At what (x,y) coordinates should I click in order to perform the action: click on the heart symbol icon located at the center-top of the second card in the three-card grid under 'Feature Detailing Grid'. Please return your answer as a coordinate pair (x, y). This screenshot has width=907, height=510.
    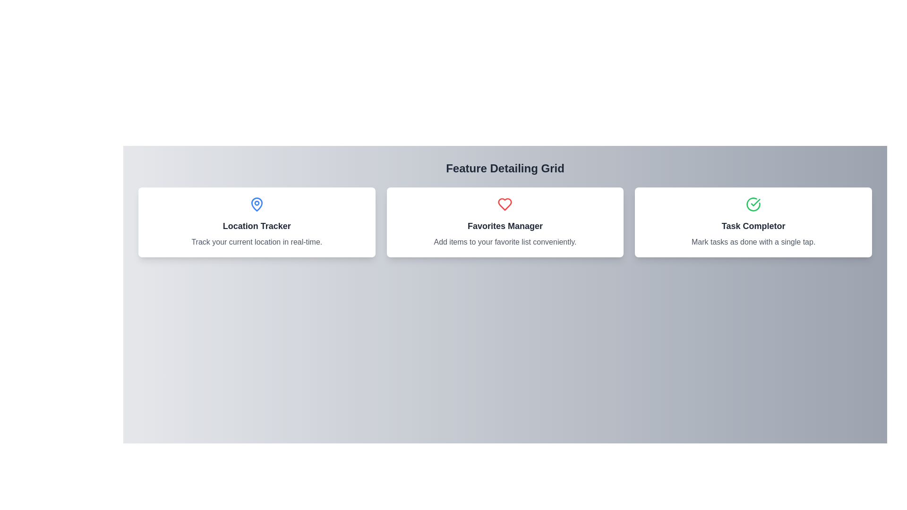
    Looking at the image, I should click on (505, 204).